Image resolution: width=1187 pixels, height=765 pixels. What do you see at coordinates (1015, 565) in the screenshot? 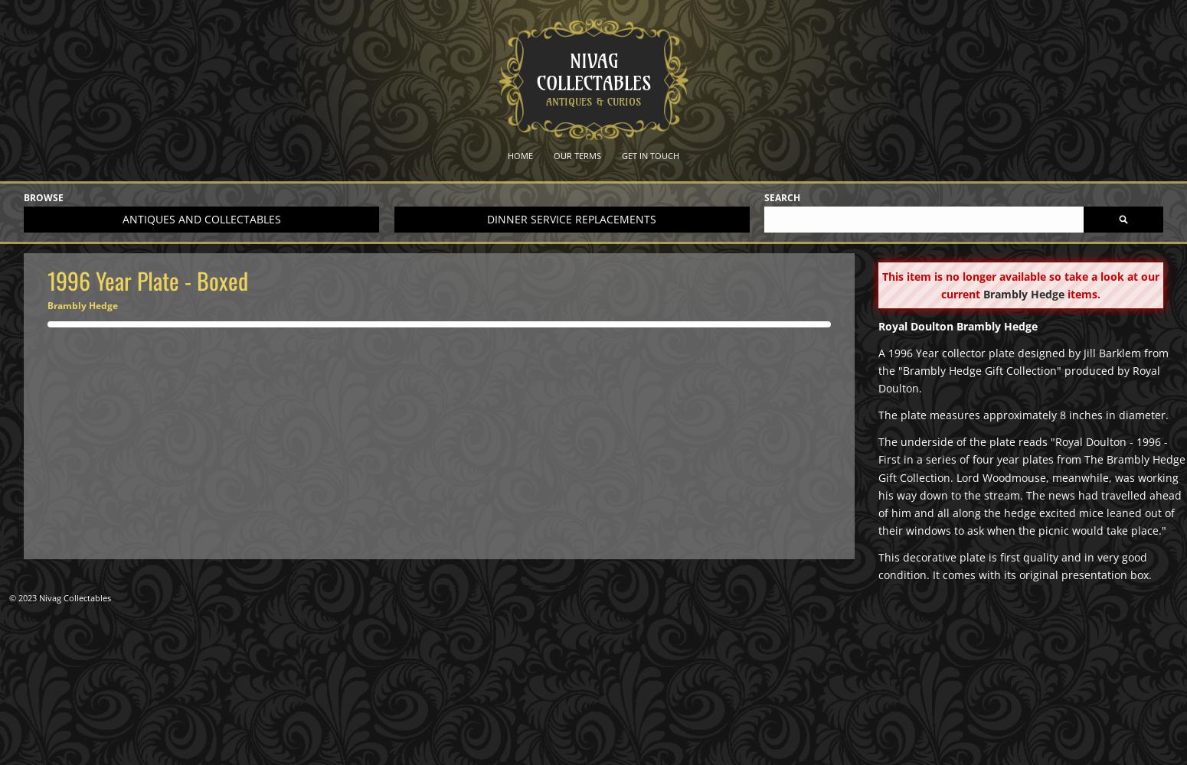
I see `'This decorative plate is first quality and in very good condition. It comes with its original presentation box.'` at bounding box center [1015, 565].